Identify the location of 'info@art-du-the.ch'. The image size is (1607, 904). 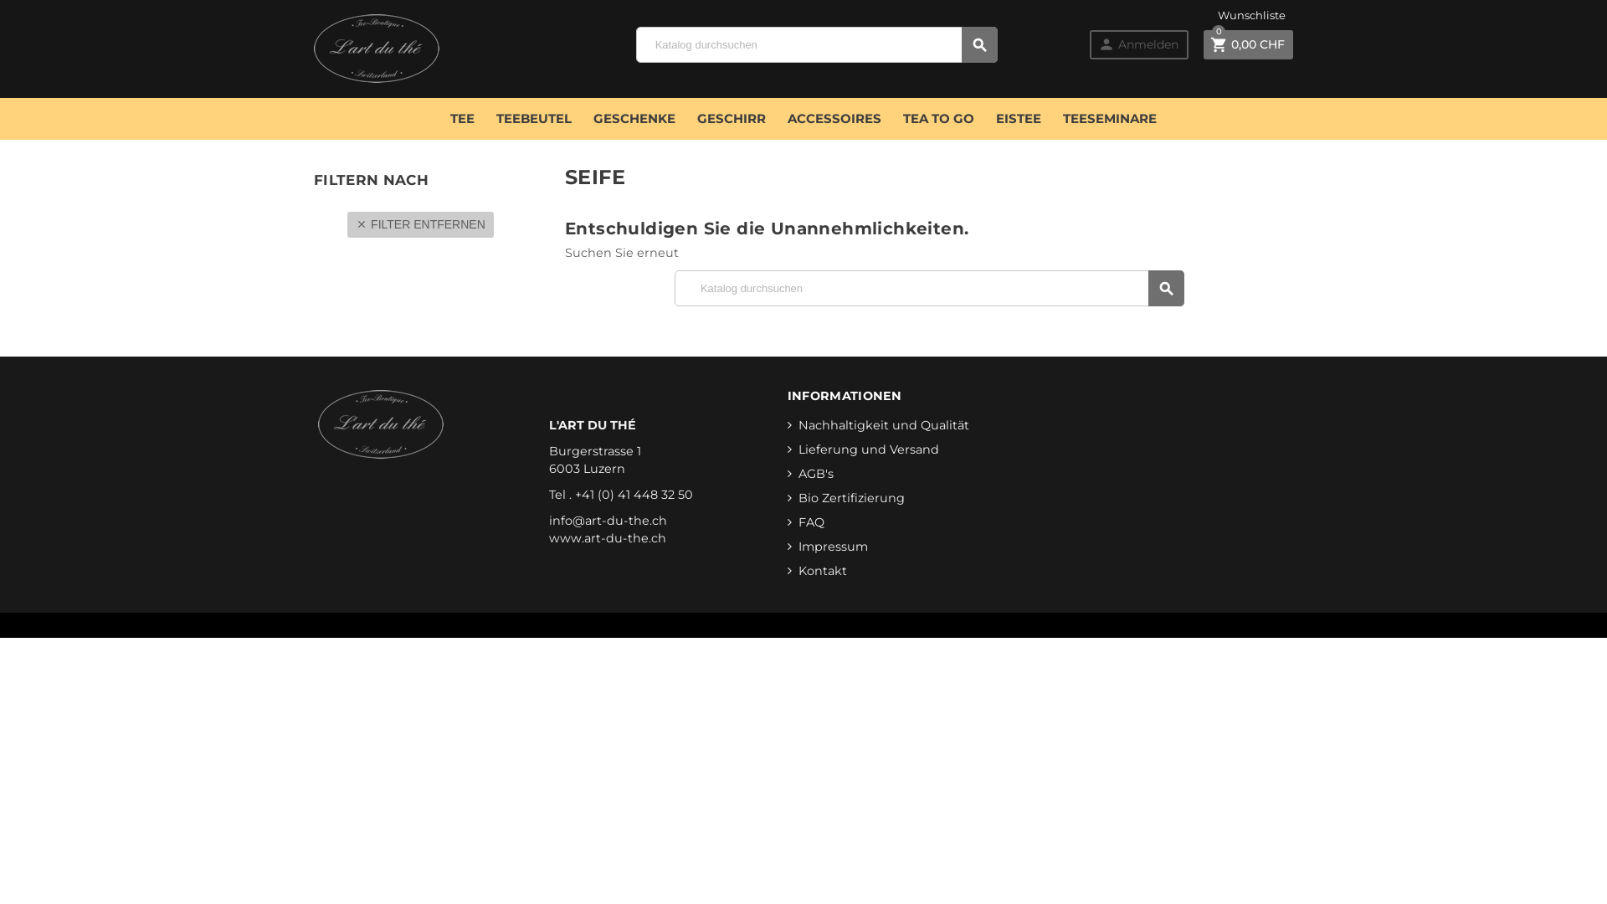
(607, 519).